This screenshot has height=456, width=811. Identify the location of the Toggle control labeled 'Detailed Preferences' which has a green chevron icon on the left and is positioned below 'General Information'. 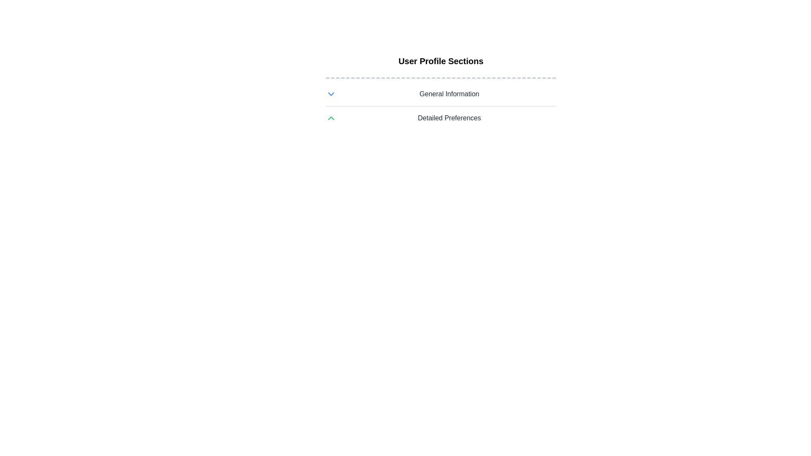
(440, 118).